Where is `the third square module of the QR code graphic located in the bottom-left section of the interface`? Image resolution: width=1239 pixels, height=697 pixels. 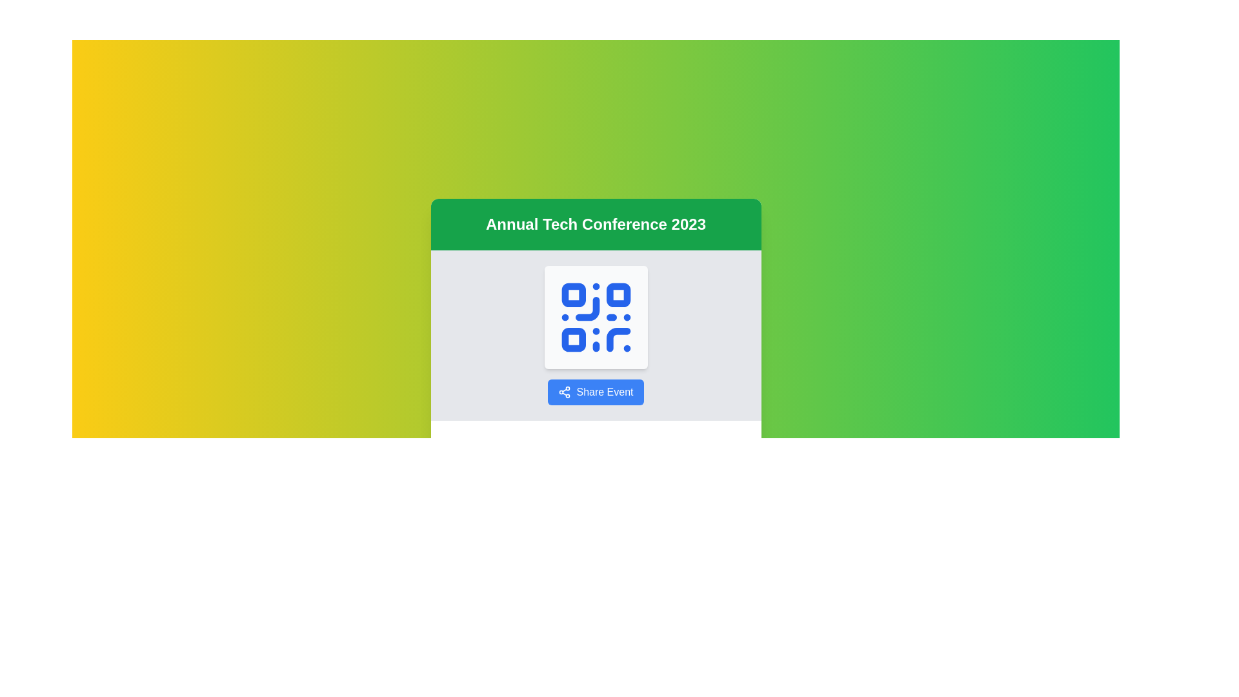
the third square module of the QR code graphic located in the bottom-left section of the interface is located at coordinates (572, 339).